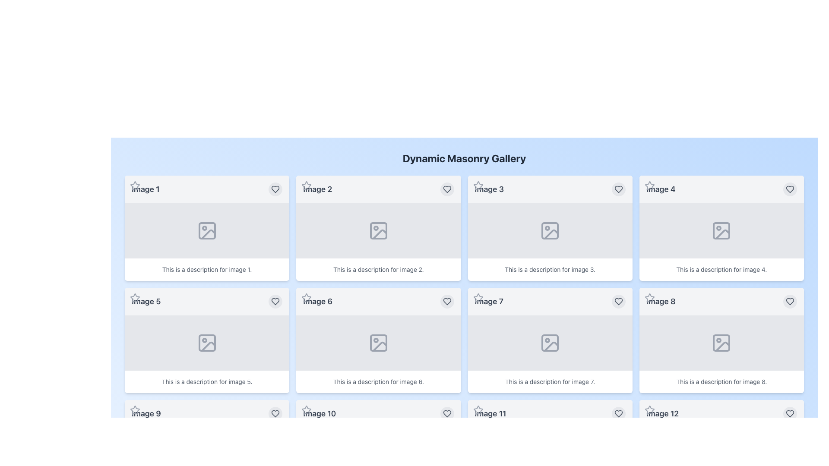 The image size is (829, 466). I want to click on the Image Placeholder element located in the second card of the grid layout under the heading 'Dynamic Masonry Gallery', positioned centrally between the title 'Image 2' and the description 'This is a description for image 2', so click(378, 230).